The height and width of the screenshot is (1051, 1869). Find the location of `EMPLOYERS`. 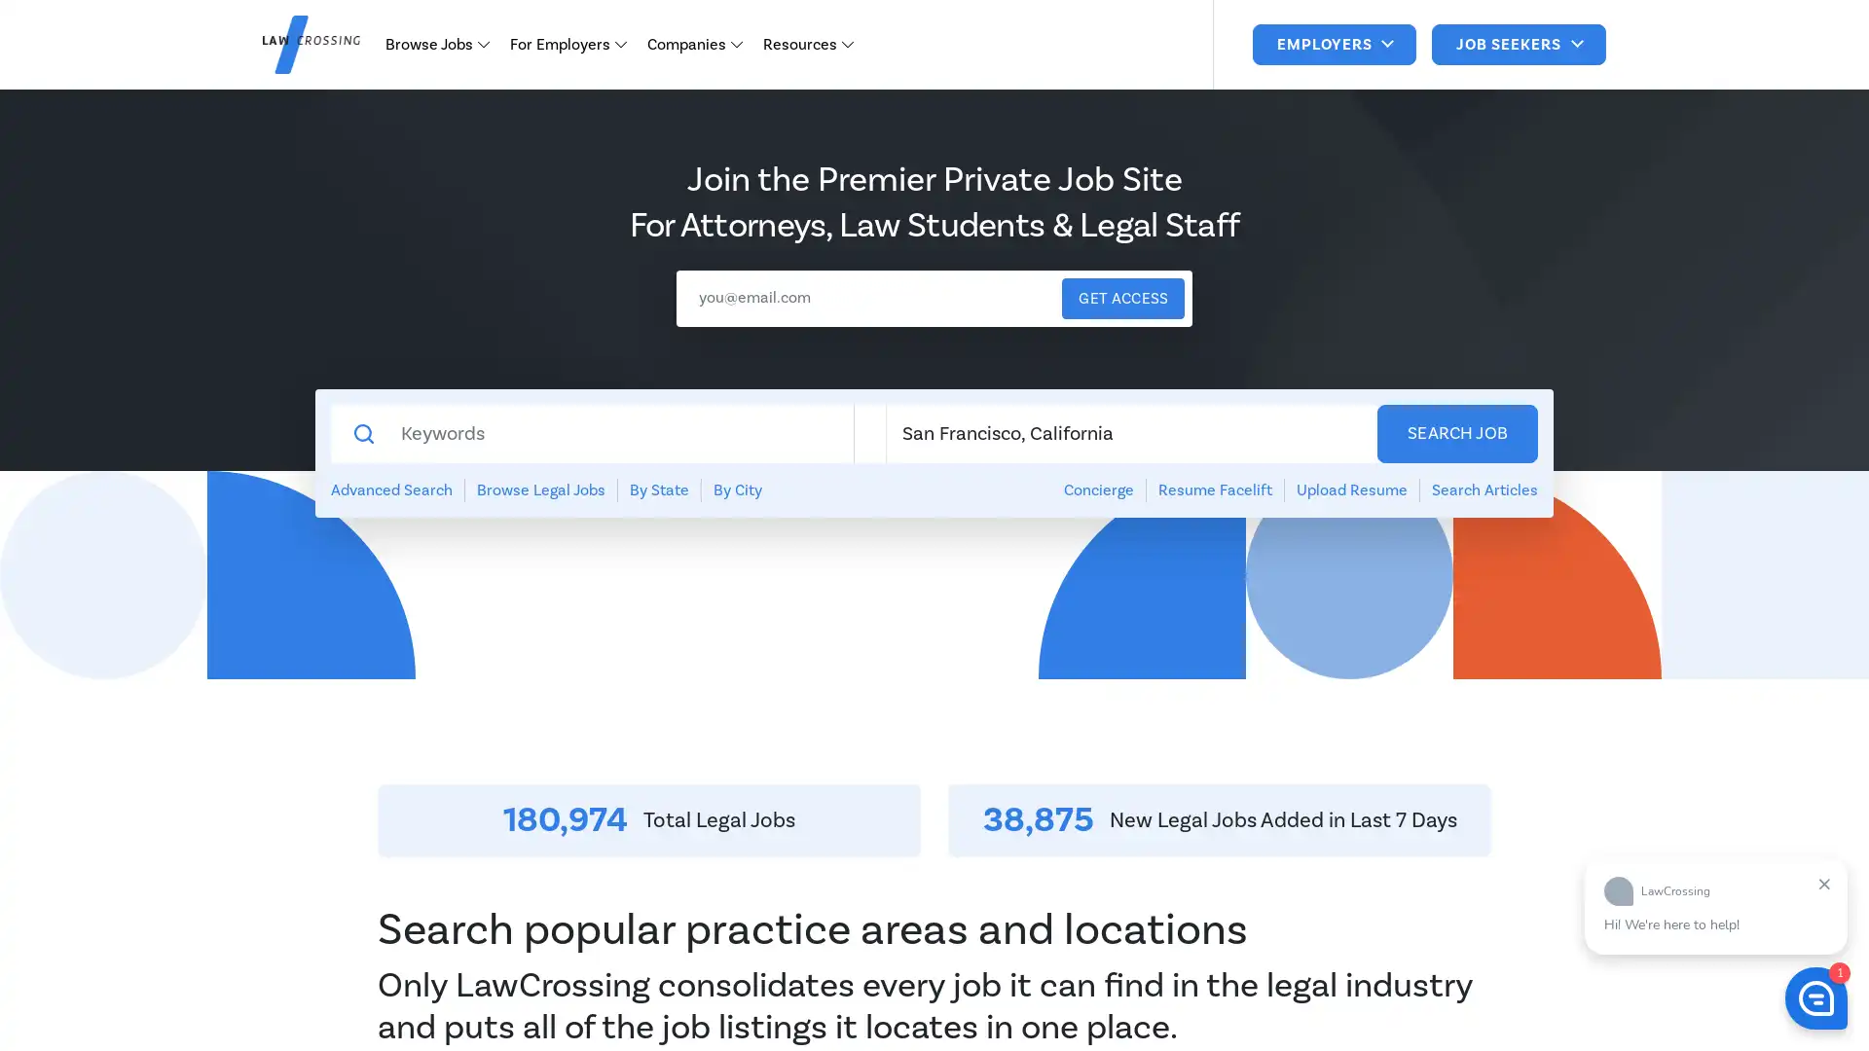

EMPLOYERS is located at coordinates (1333, 44).